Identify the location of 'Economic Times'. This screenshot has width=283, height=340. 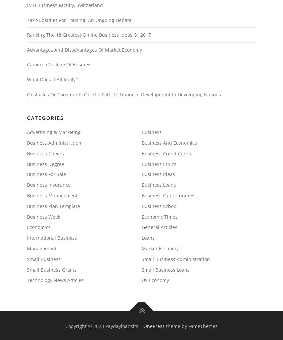
(159, 216).